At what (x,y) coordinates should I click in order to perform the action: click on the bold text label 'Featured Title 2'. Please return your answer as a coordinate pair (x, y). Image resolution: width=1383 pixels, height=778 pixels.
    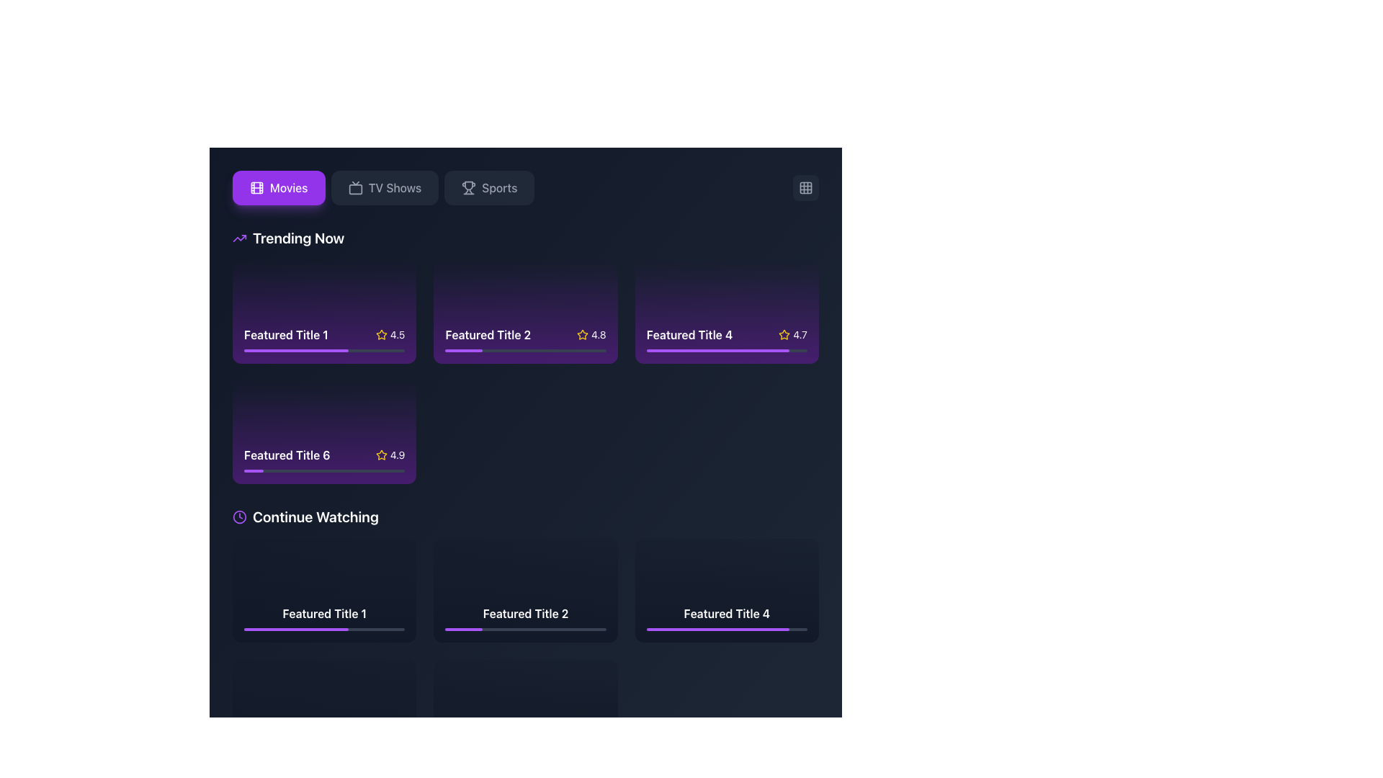
    Looking at the image, I should click on (524, 617).